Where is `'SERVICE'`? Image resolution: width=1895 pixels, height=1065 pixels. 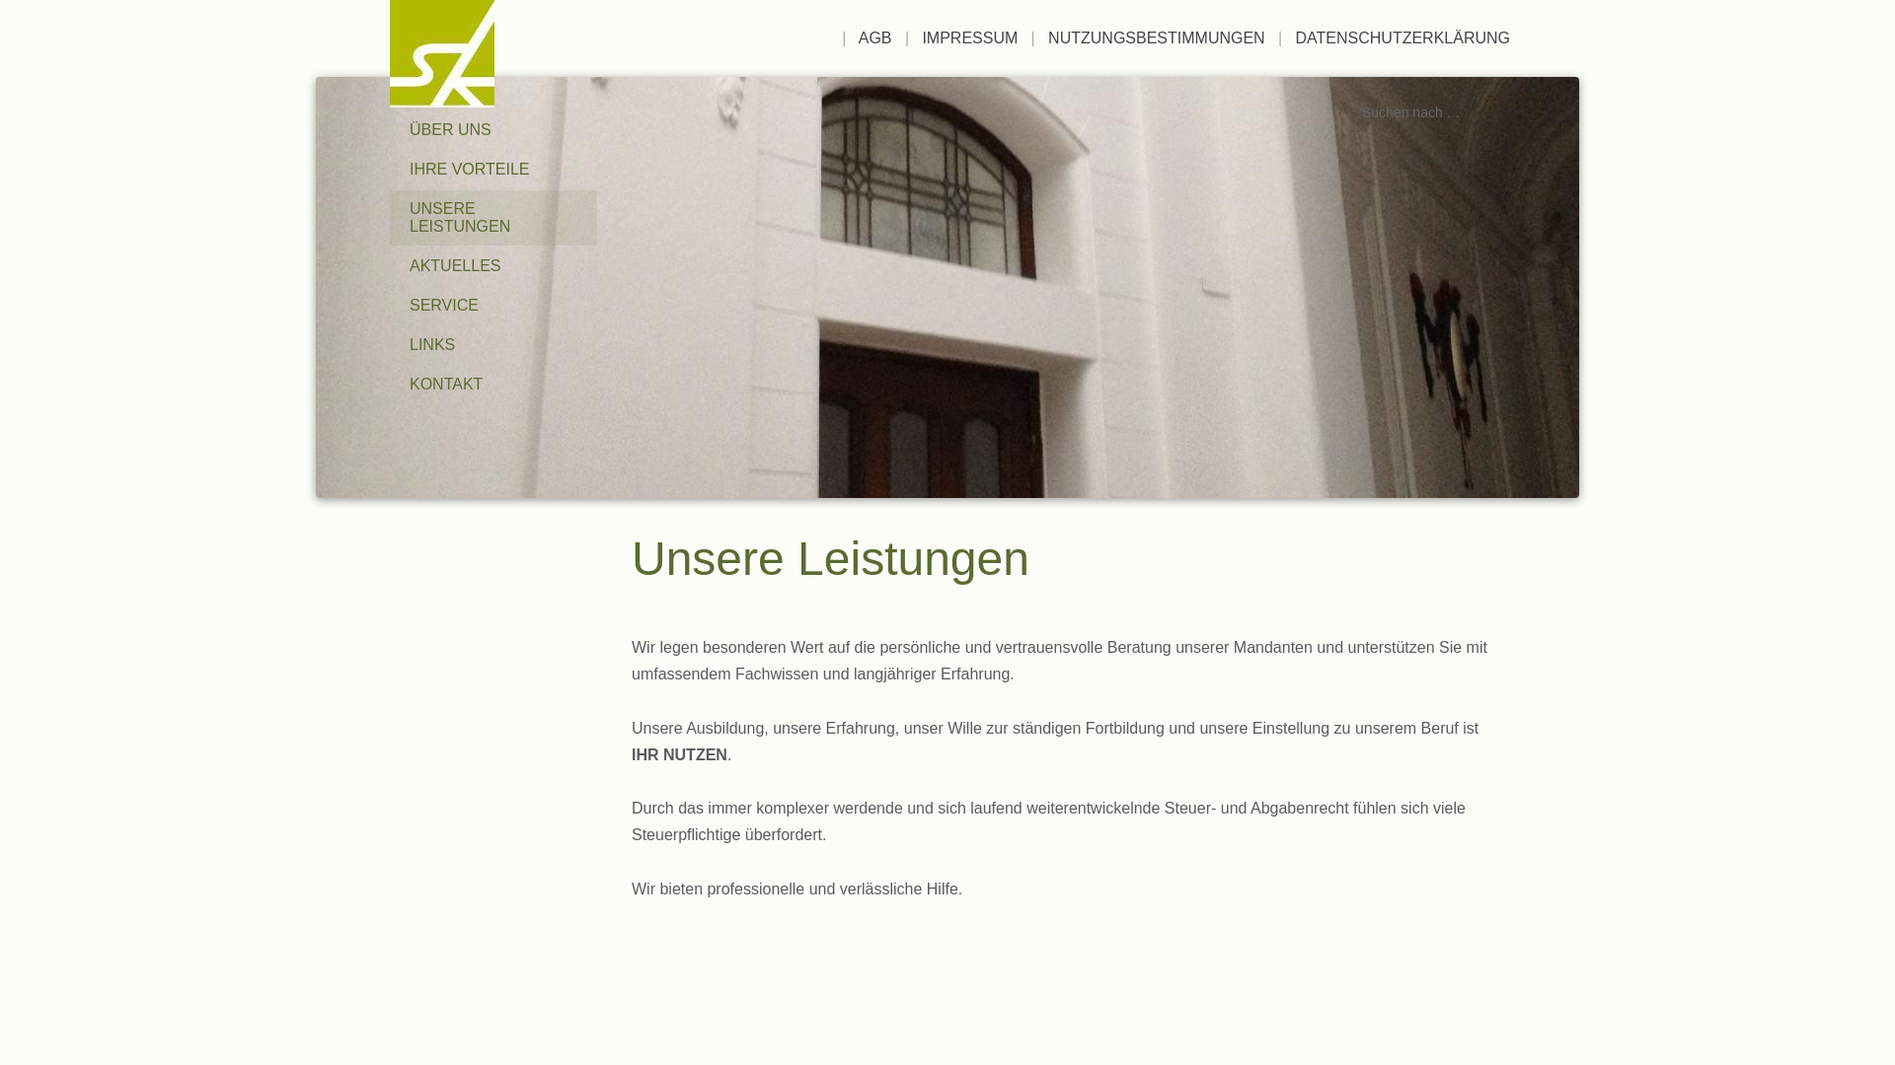
'SERVICE' is located at coordinates (493, 305).